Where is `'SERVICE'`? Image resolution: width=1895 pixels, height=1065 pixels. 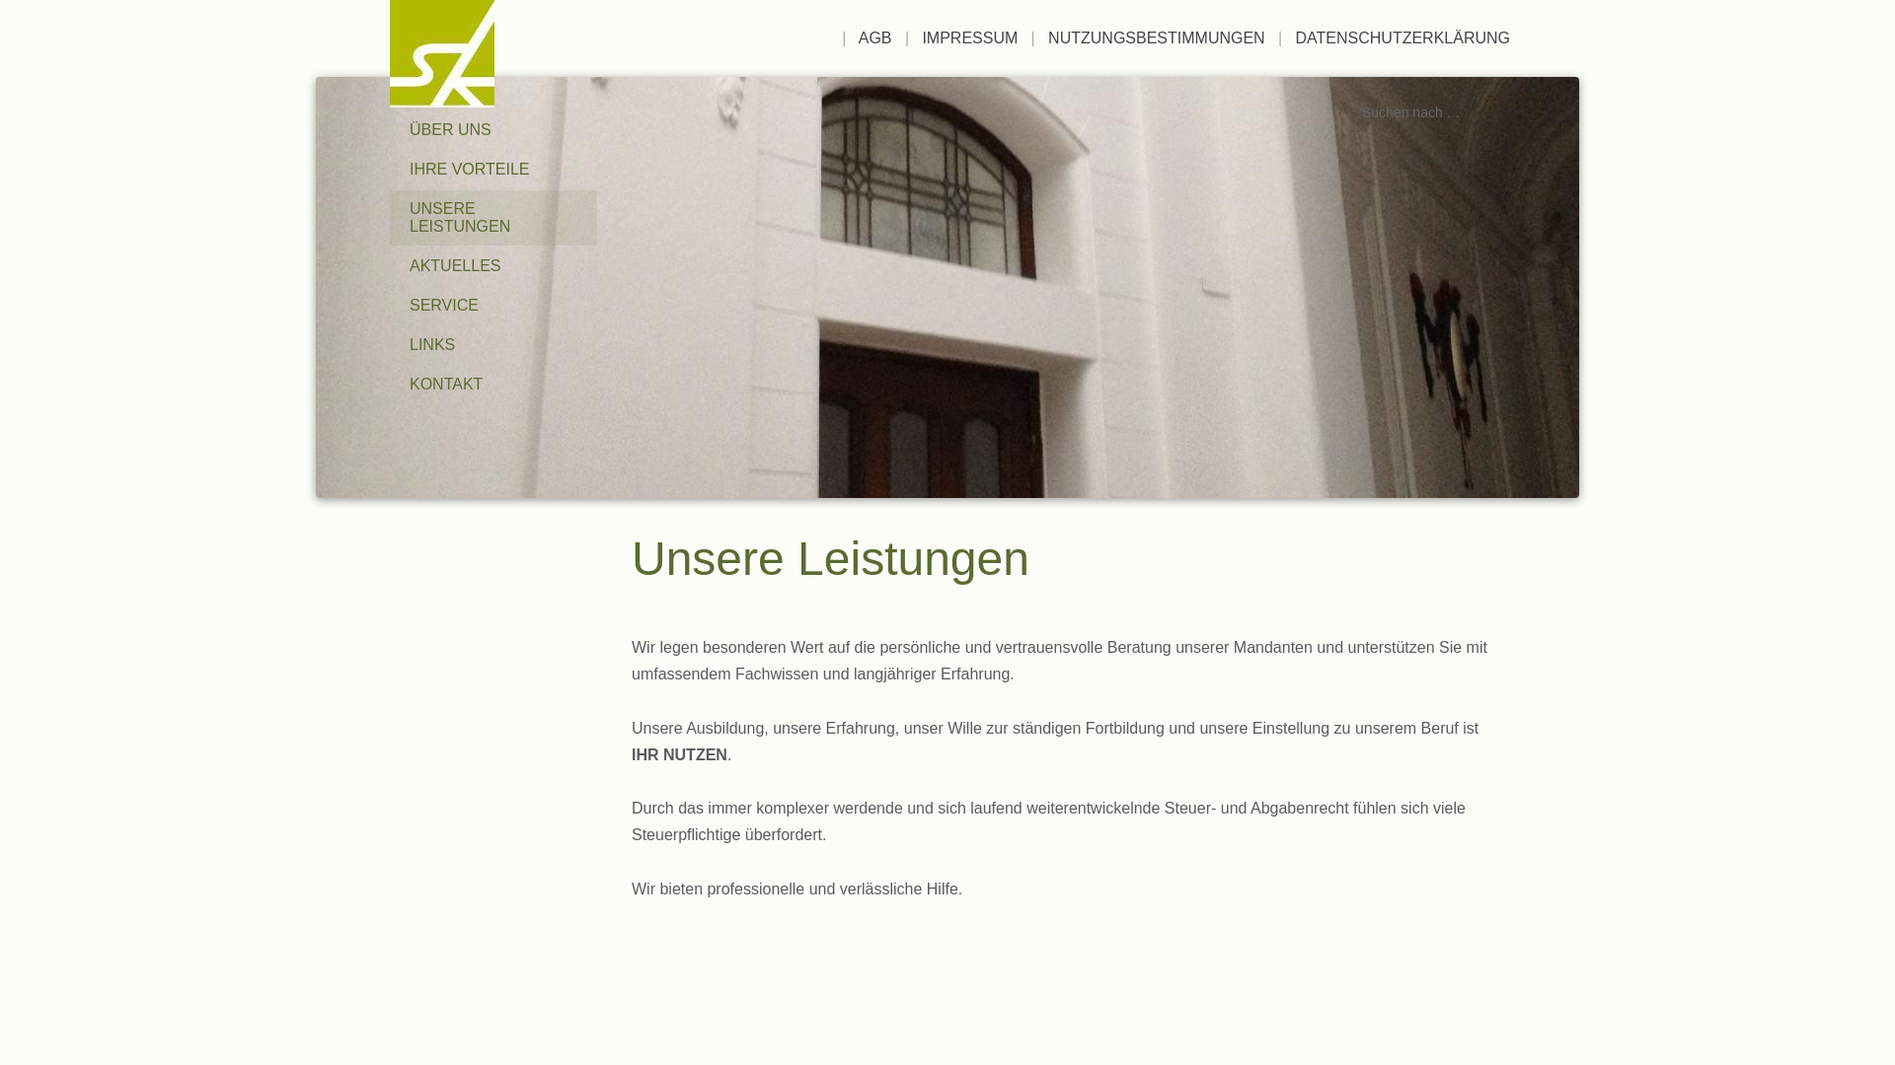
'SERVICE' is located at coordinates (493, 305).